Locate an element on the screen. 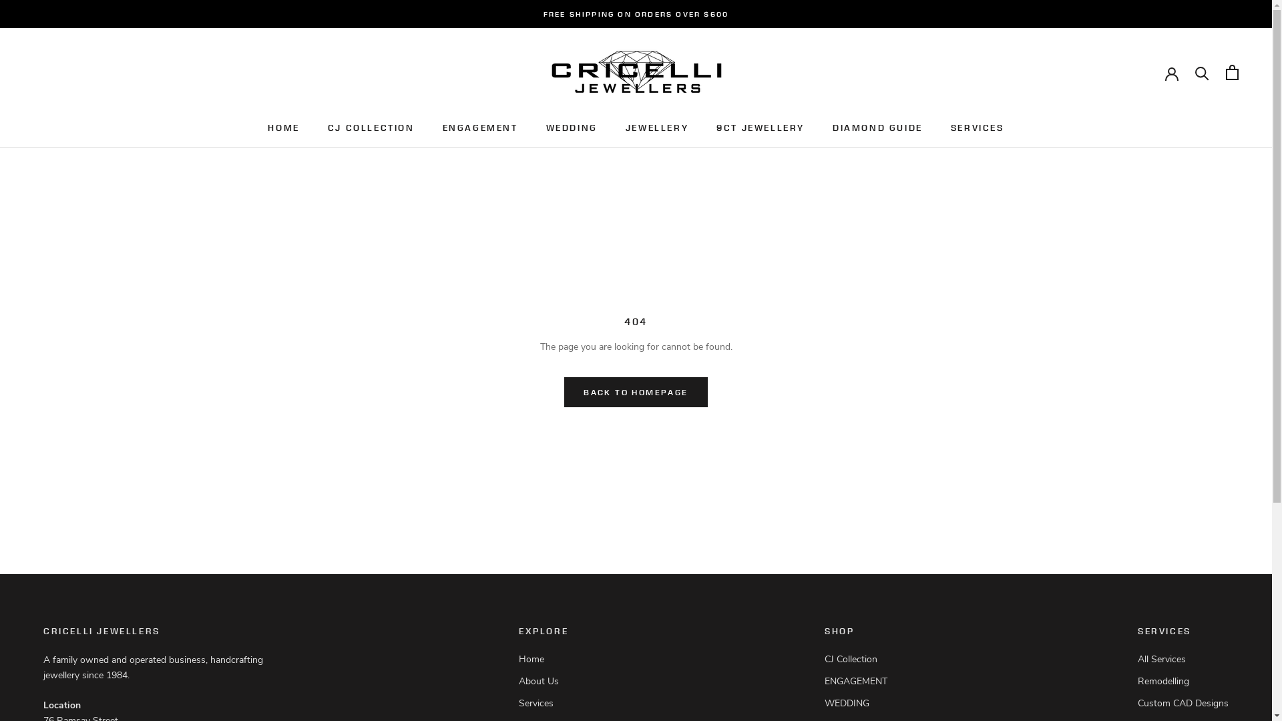 The width and height of the screenshot is (1282, 721). 'ENGAGEMENT' is located at coordinates (860, 681).